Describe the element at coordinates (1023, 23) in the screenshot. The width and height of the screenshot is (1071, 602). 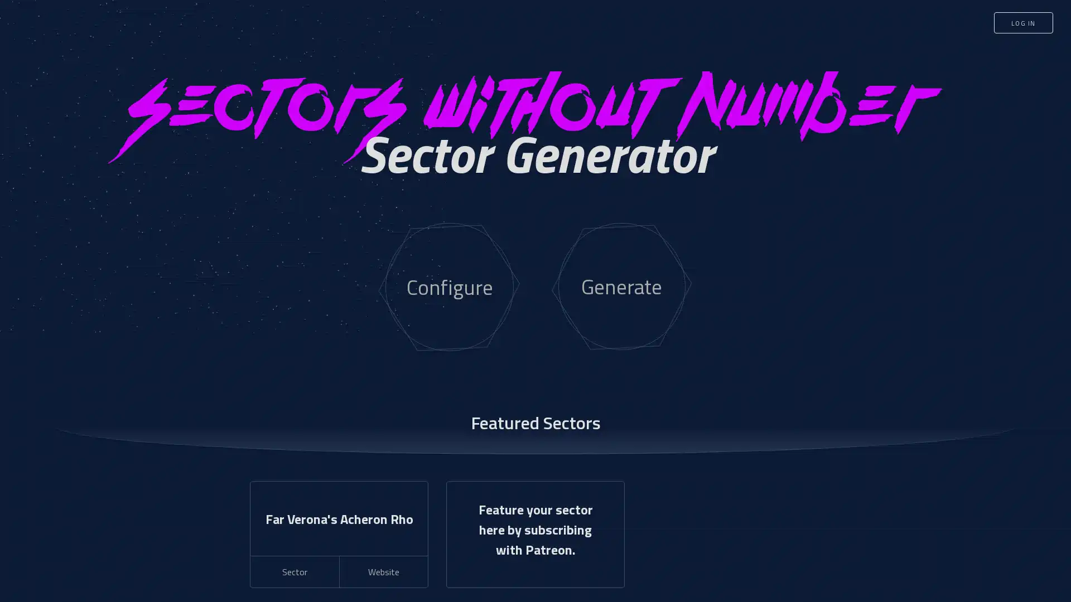
I see `LOG IN` at that location.